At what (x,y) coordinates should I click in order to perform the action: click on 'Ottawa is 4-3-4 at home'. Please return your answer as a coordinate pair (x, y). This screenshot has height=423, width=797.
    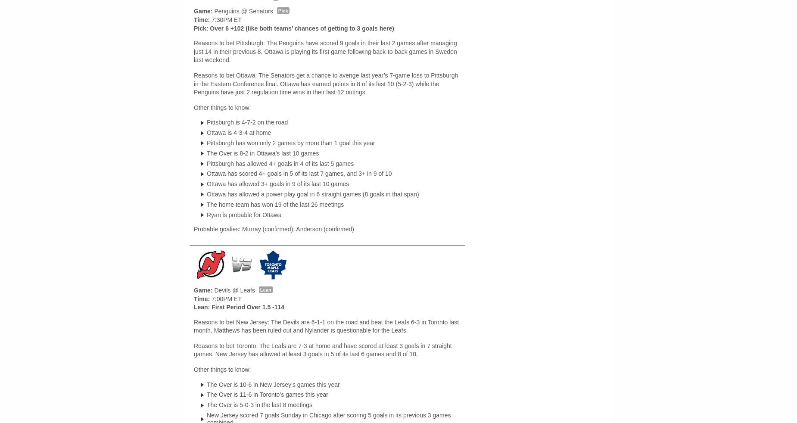
    Looking at the image, I should click on (239, 132).